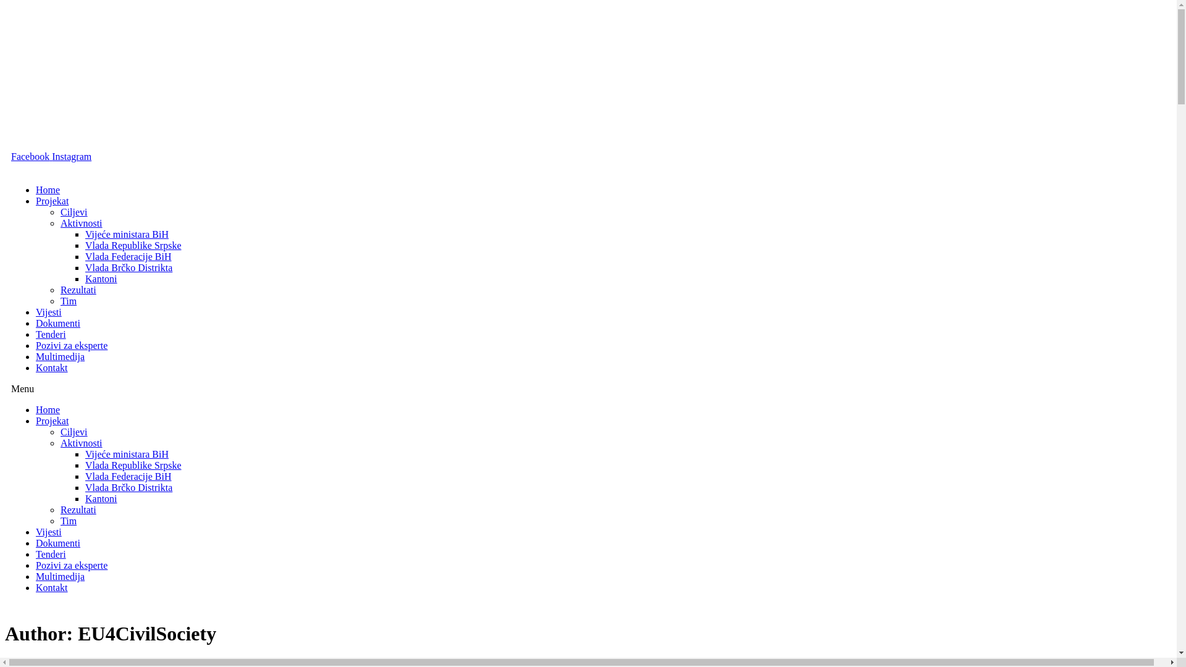  I want to click on 'Facebook', so click(32, 156).